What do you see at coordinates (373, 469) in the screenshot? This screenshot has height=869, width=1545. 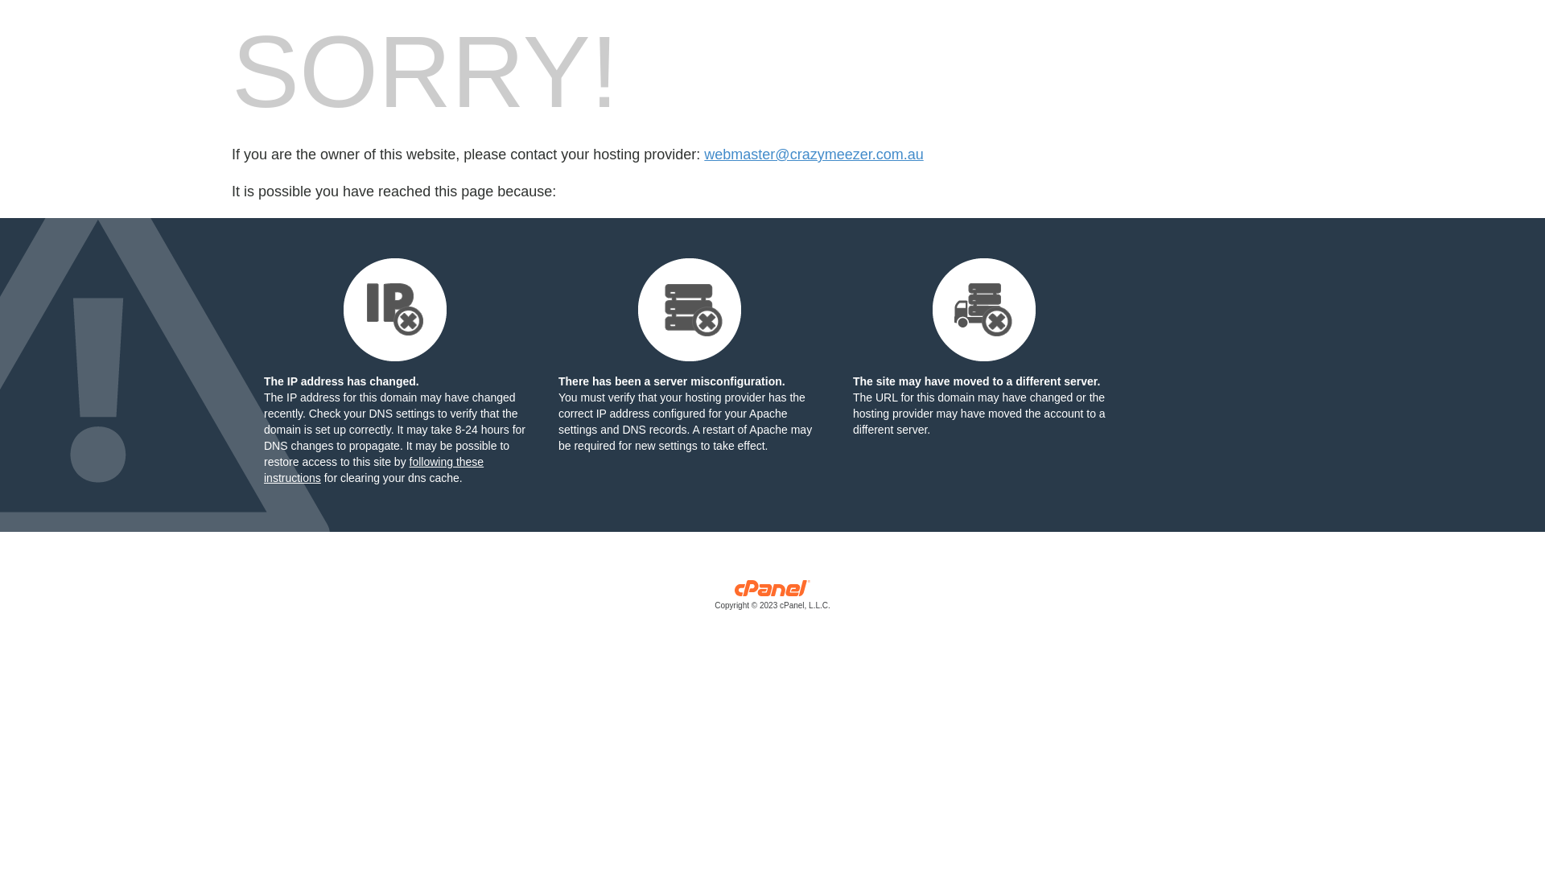 I see `'following these instructions'` at bounding box center [373, 469].